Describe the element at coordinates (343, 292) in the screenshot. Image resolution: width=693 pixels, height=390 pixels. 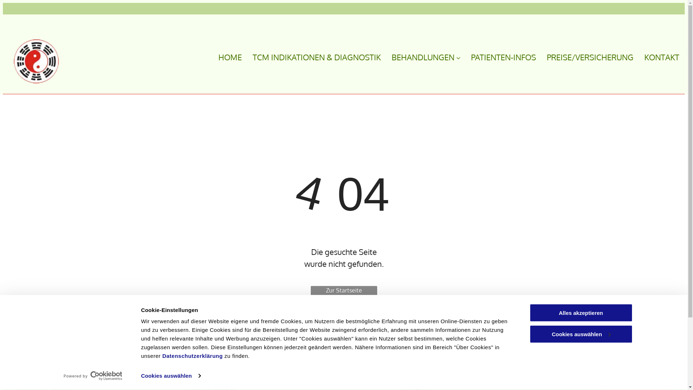
I see `'Zur Startseite'` at that location.